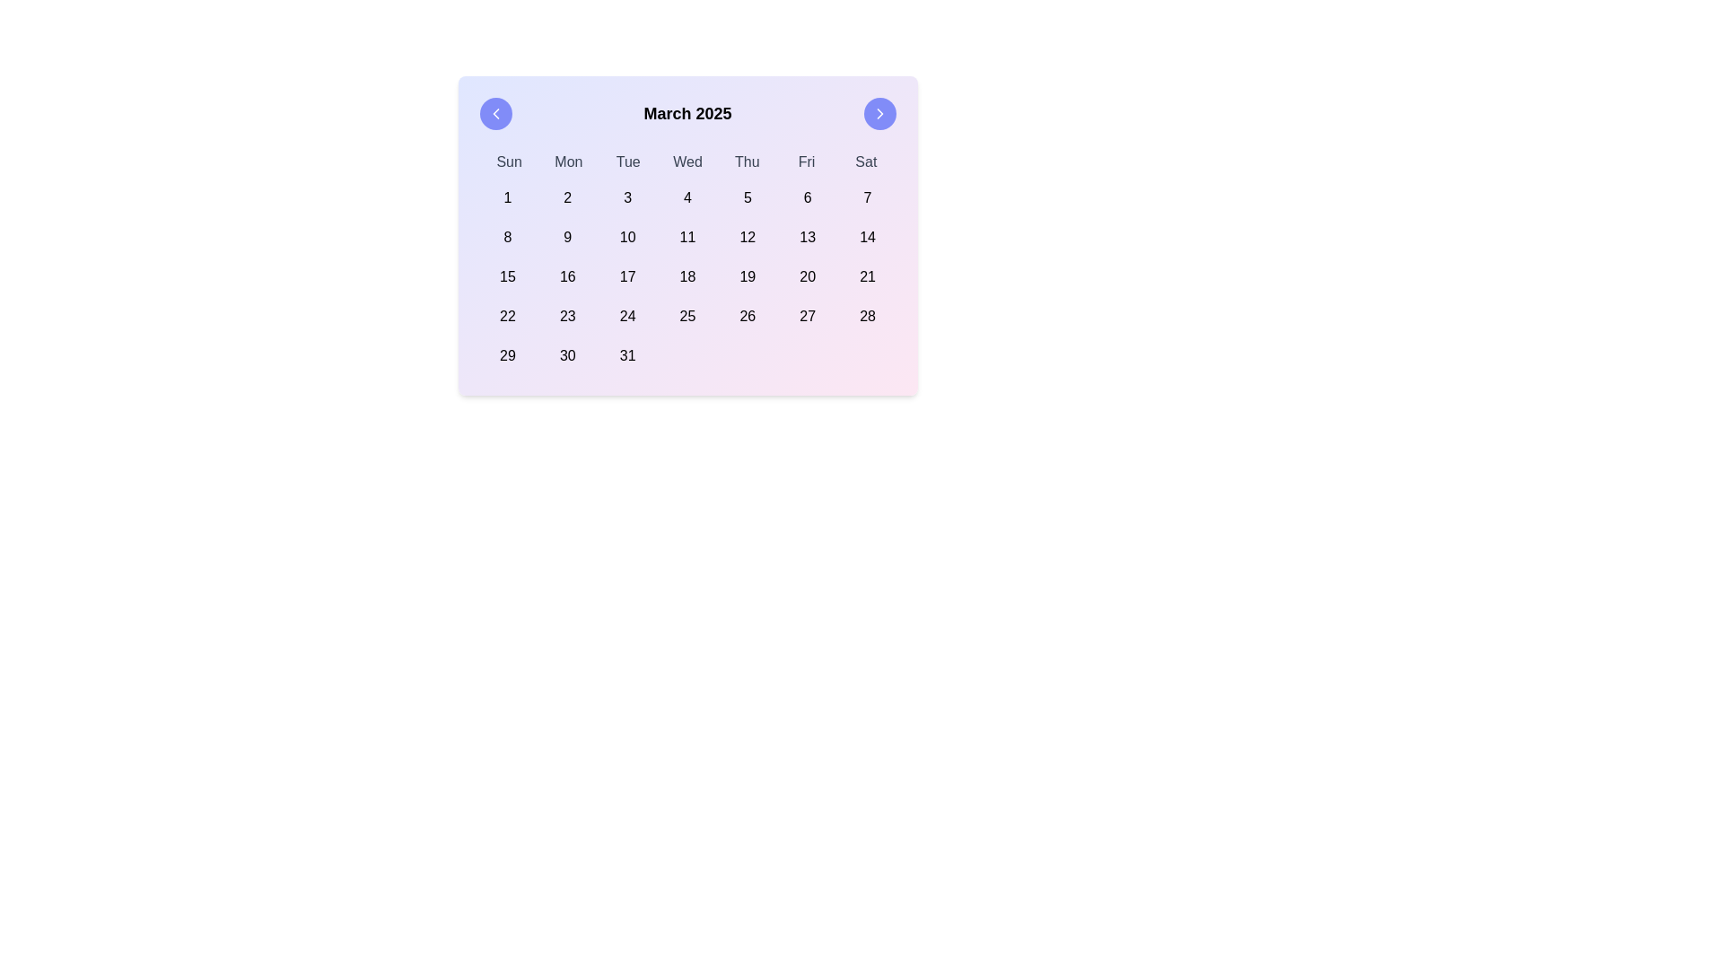  What do you see at coordinates (506, 197) in the screenshot?
I see `the rounded rectangular button displaying the number '1' in bold black text` at bounding box center [506, 197].